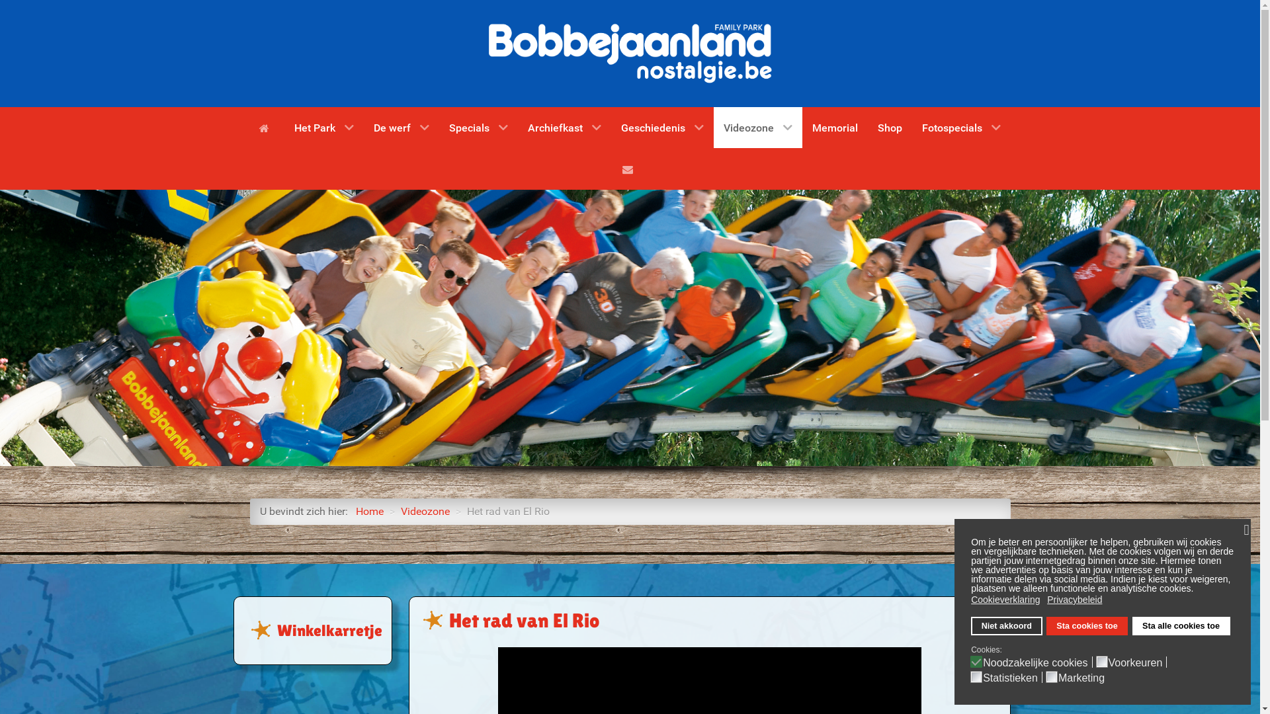 The image size is (1270, 714). What do you see at coordinates (323, 127) in the screenshot?
I see `'Het Park'` at bounding box center [323, 127].